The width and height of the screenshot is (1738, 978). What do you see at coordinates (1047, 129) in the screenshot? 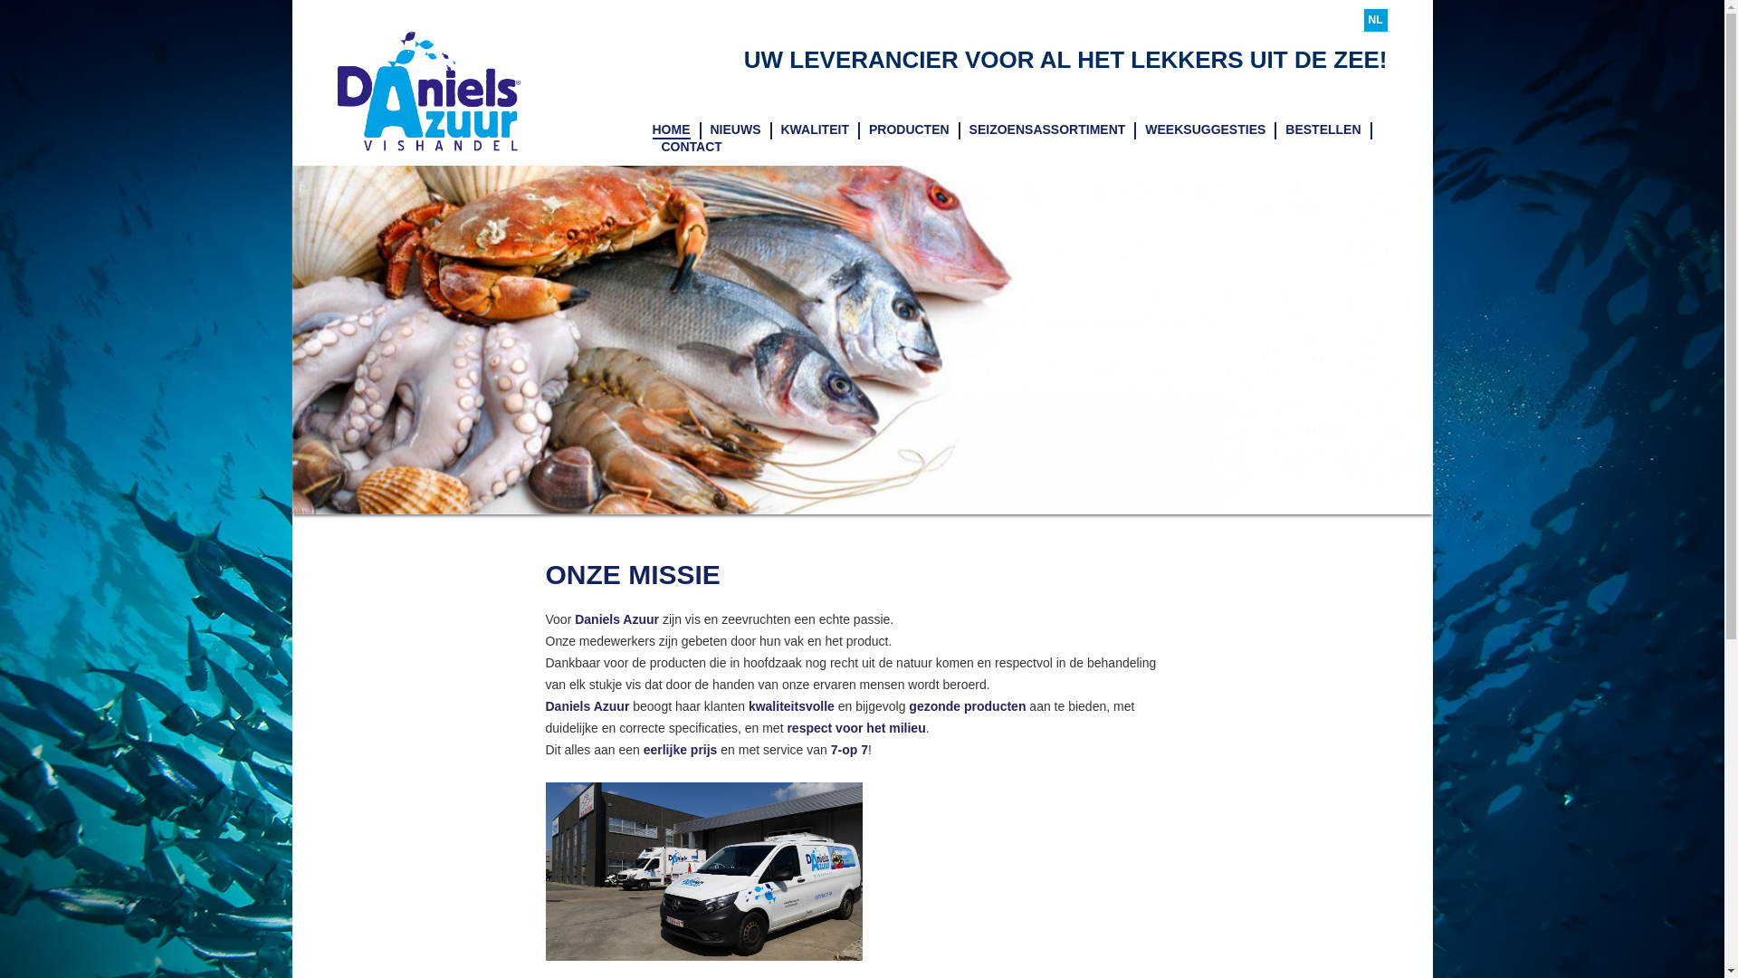
I see `'SEIZOENSASSORTIMENT'` at bounding box center [1047, 129].